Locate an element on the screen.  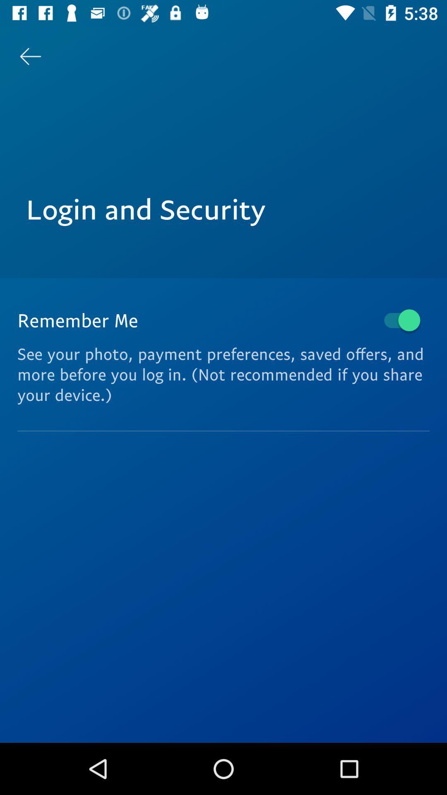
item above the login and security is located at coordinates (30, 56).